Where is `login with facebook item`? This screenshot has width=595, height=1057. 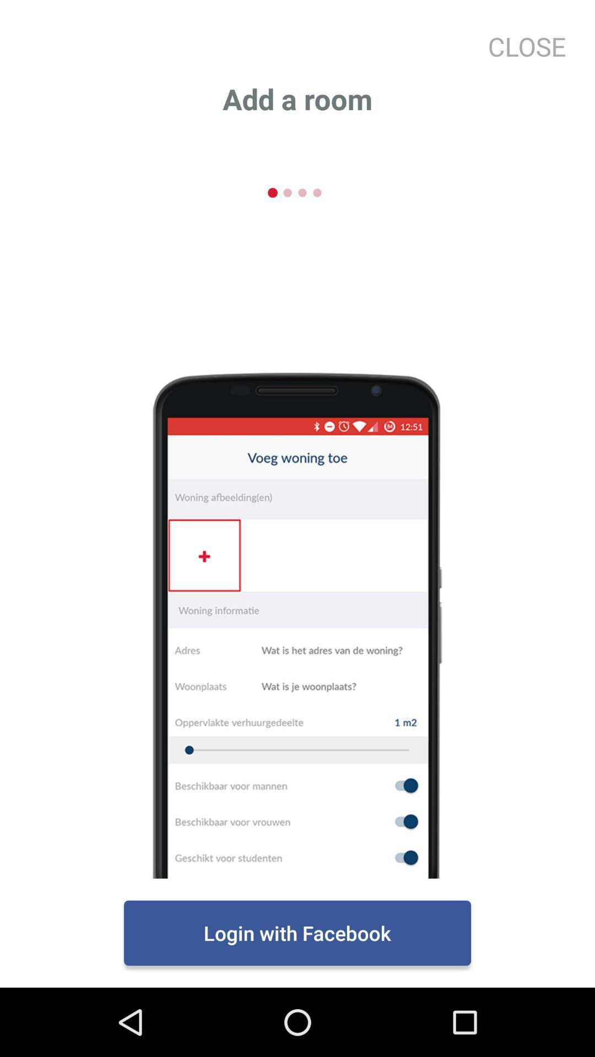
login with facebook item is located at coordinates (297, 932).